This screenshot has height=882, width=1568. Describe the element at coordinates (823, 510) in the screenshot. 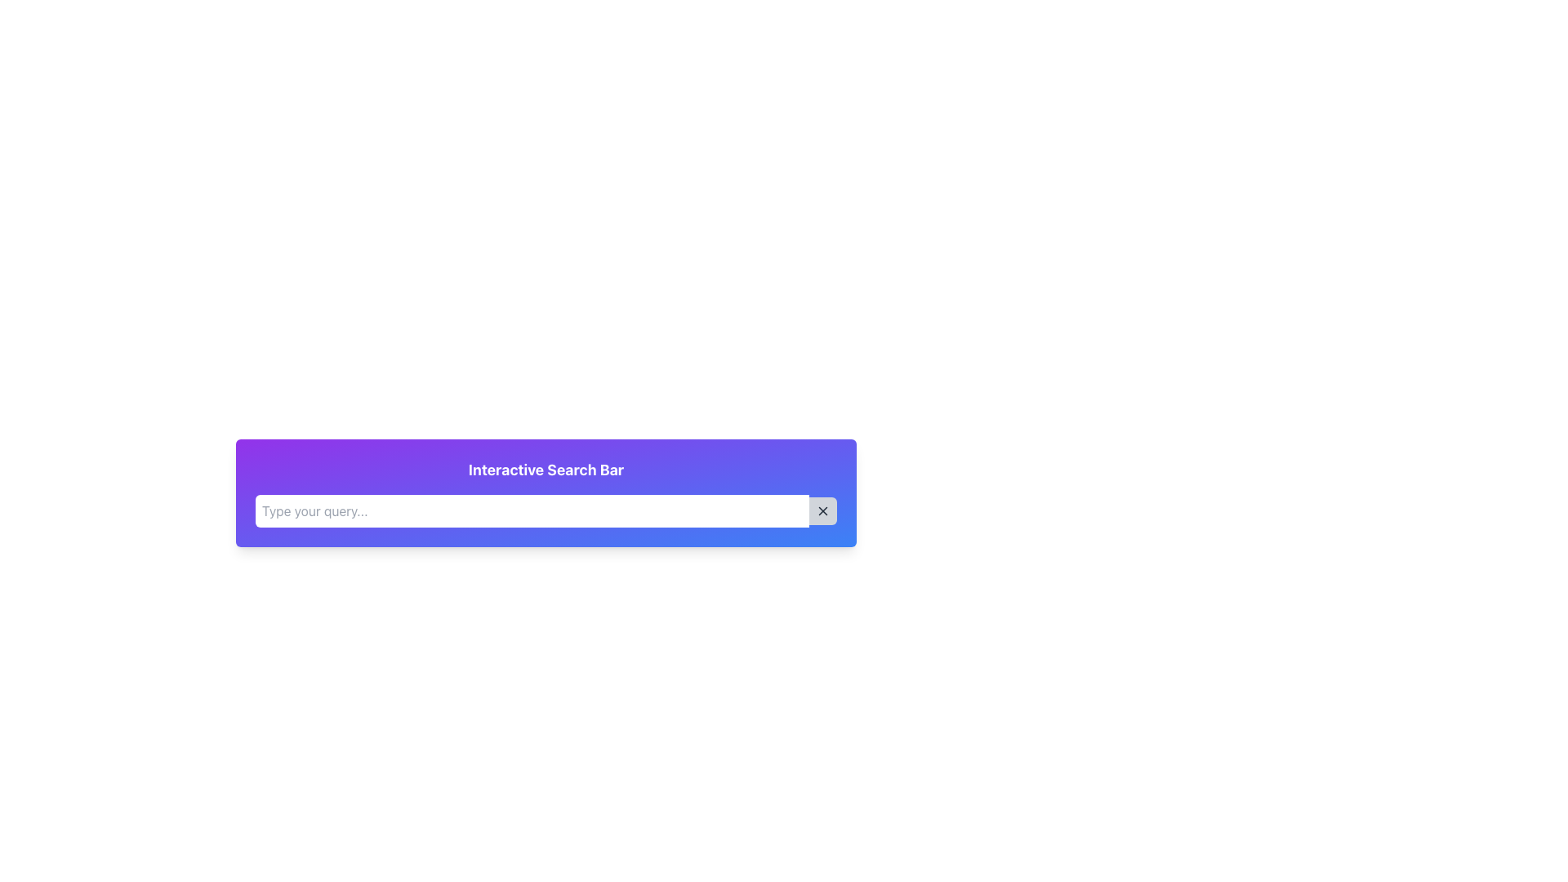

I see `the clear button located at the far-right end of the search bar layout to clear the current text in the associated input field` at that location.